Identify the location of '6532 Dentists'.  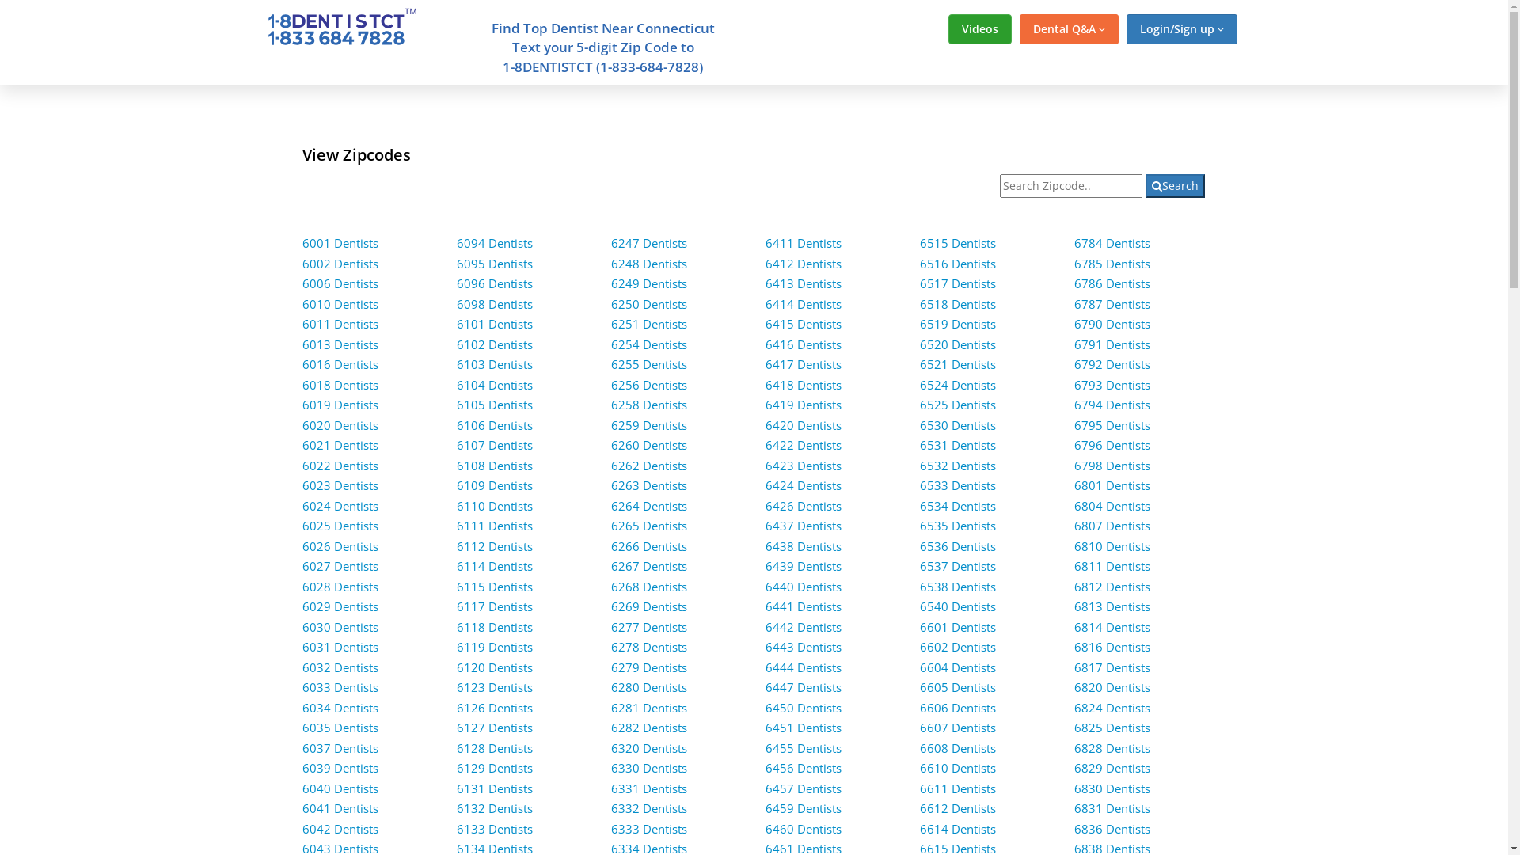
(956, 464).